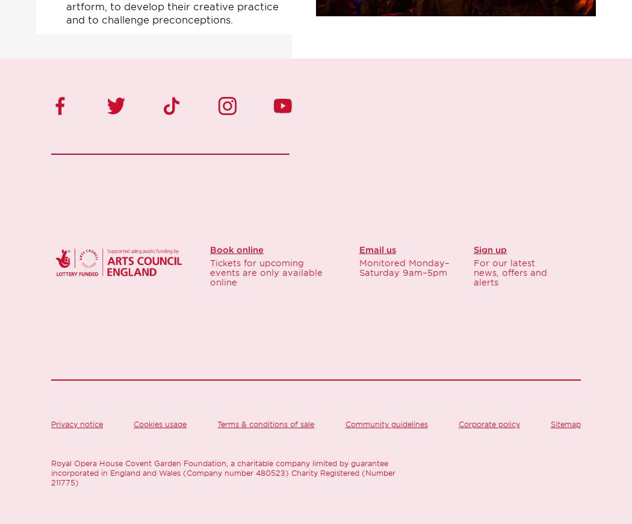 The image size is (632, 524). I want to click on 'Monitored Monday–Saturday 9am–5pm', so click(403, 267).